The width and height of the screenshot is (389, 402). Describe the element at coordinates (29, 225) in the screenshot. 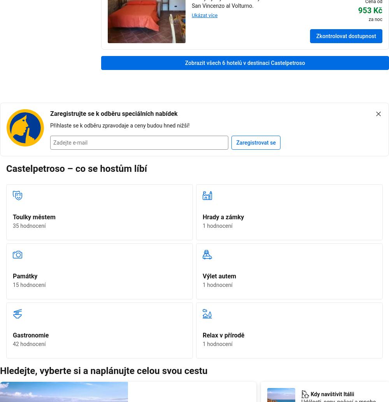

I see `'35 hodnocení'` at that location.